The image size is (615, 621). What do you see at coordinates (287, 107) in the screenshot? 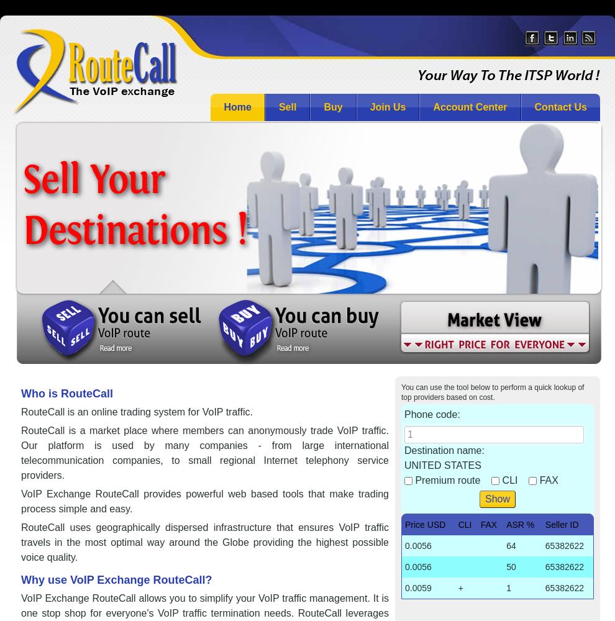
I see `'Sell'` at bounding box center [287, 107].